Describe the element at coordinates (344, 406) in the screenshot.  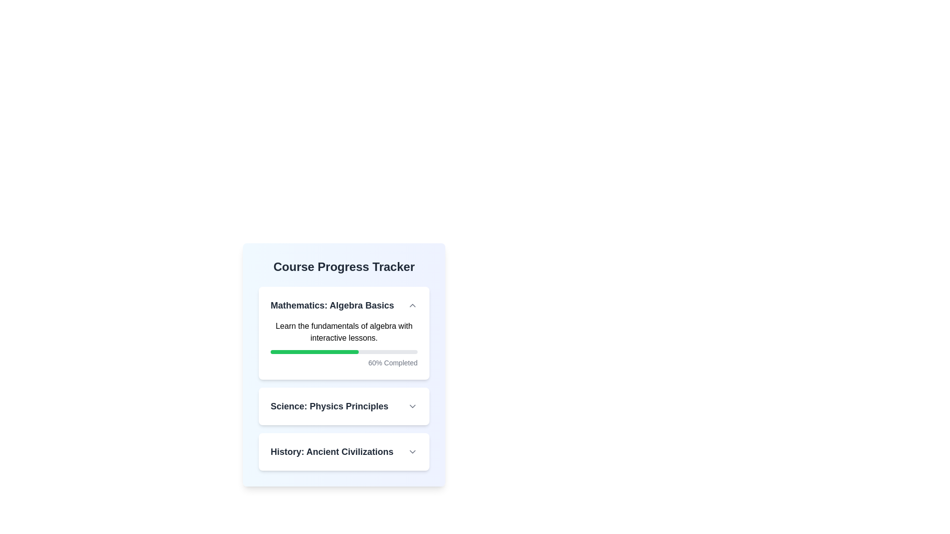
I see `the 'Science: Physics Principles' interactive header` at that location.